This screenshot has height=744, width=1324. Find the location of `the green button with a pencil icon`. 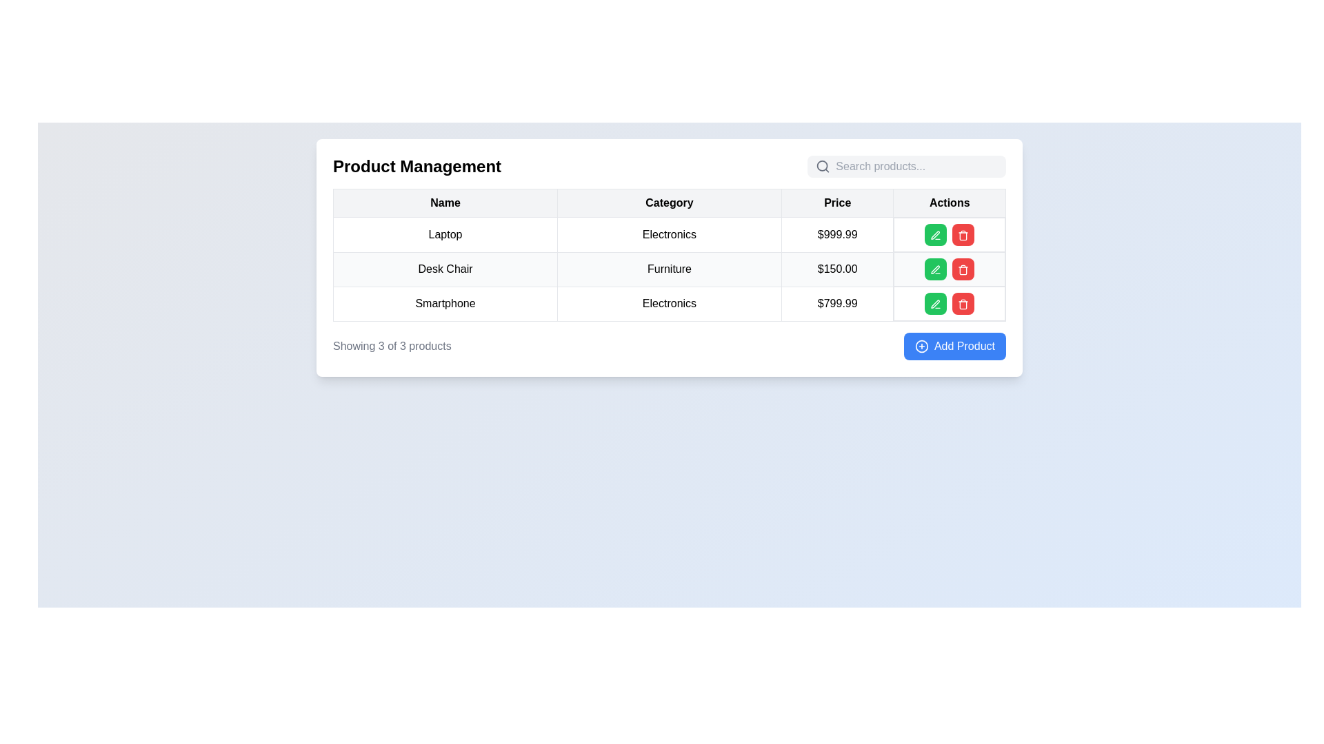

the green button with a pencil icon is located at coordinates (949, 269).